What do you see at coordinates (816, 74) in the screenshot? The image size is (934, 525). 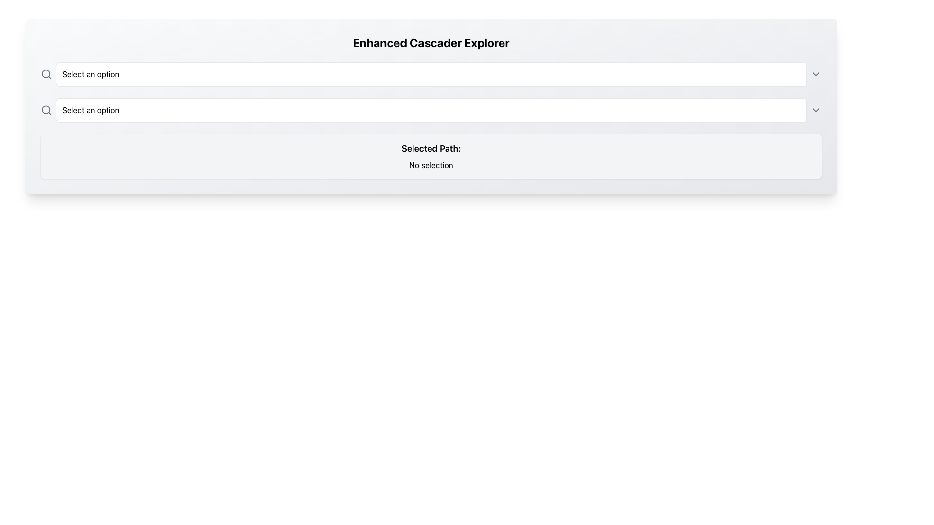 I see `the downward-pointing chevron icon on the far right side of the input field labeled 'Select an option'` at bounding box center [816, 74].